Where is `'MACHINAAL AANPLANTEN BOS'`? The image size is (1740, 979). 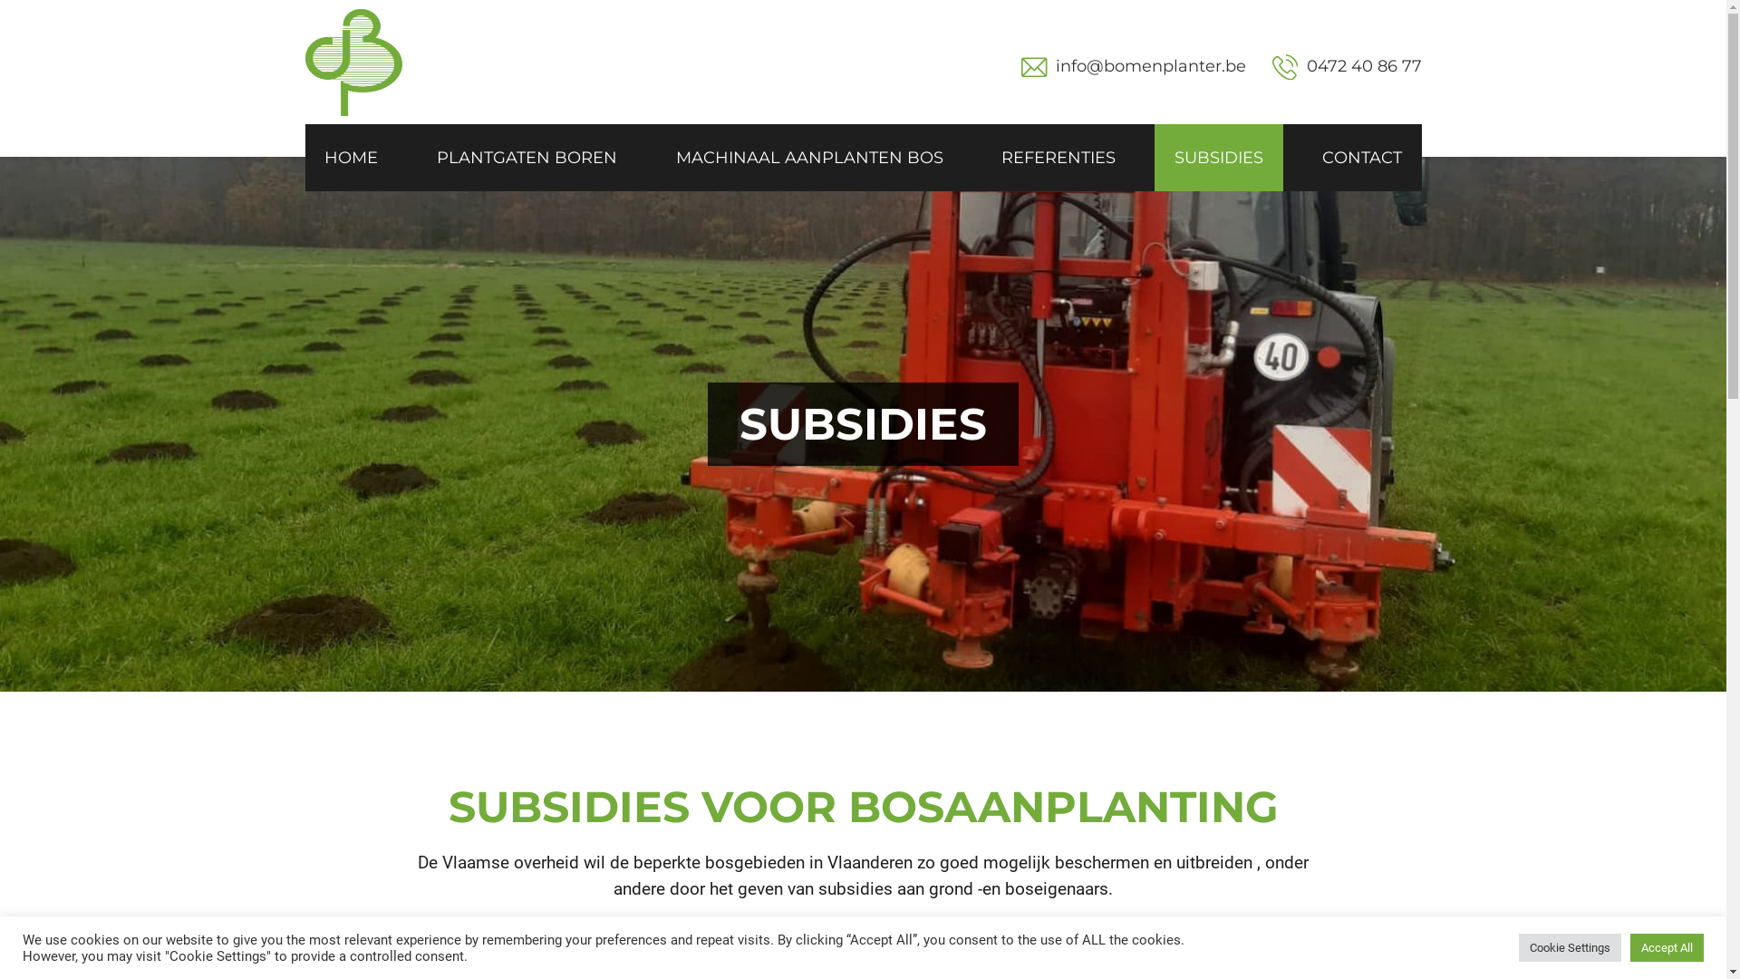
'MACHINAAL AANPLANTEN BOS' is located at coordinates (808, 156).